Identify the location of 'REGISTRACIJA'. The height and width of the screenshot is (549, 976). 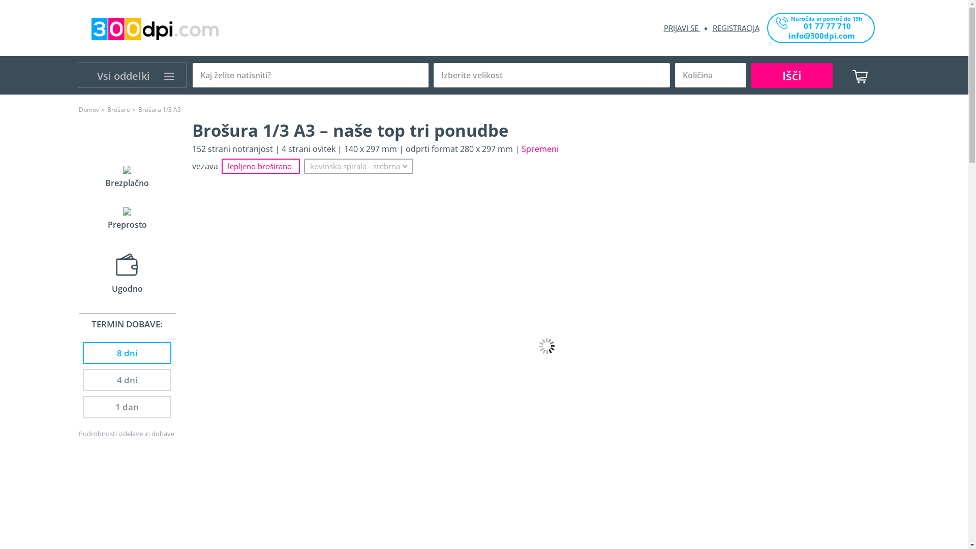
(736, 27).